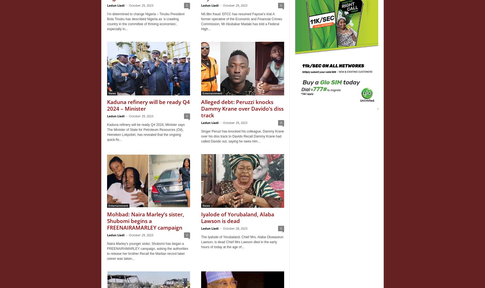 Image resolution: width=485 pixels, height=288 pixels. Describe the element at coordinates (146, 221) in the screenshot. I see `'Mohbad: Naira Marley’s sister, Shubomi begins a FREENAIRAMARLEY campaign'` at that location.